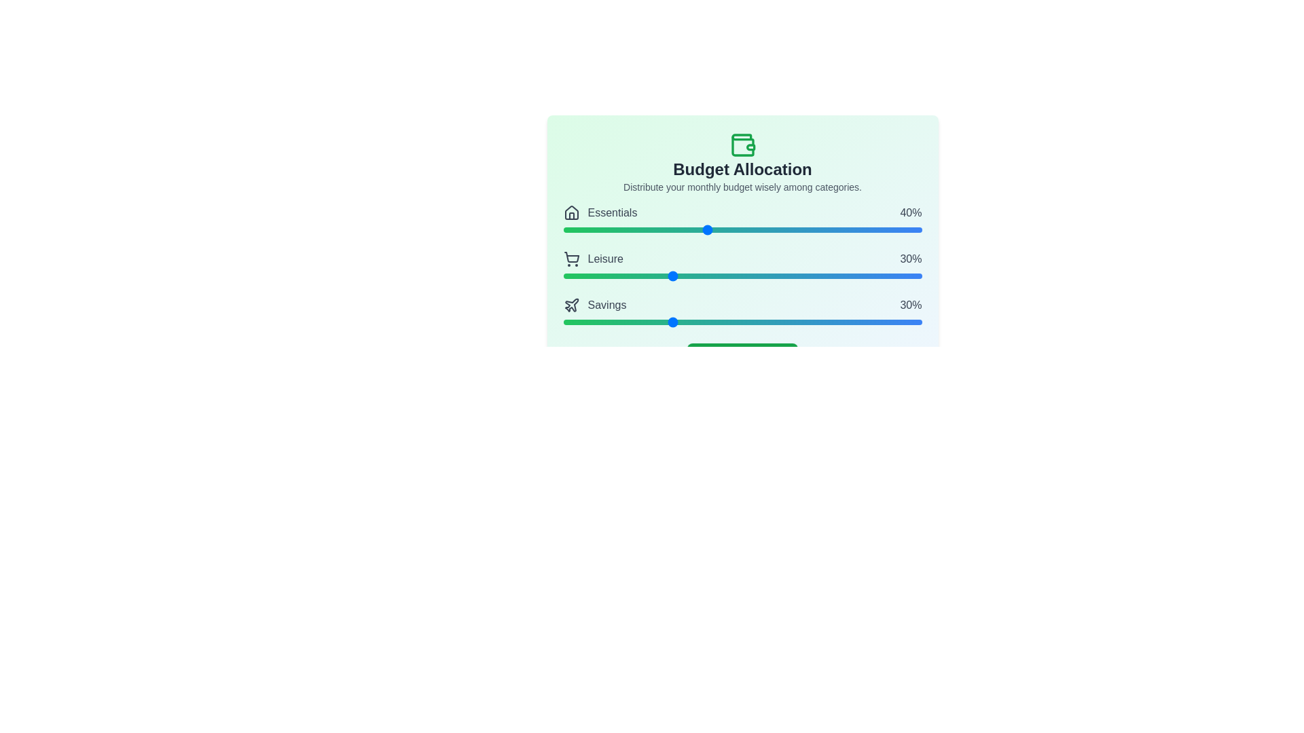  I want to click on the 'Leisure' slider to 16%, so click(619, 276).